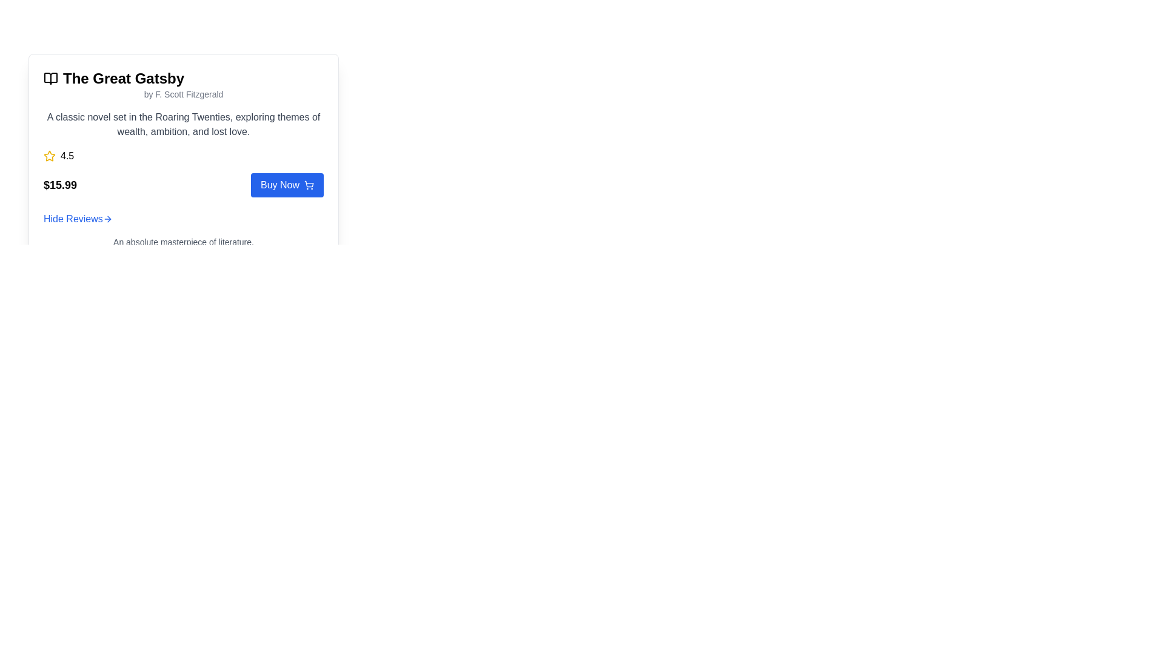 The height and width of the screenshot is (654, 1164). What do you see at coordinates (48, 155) in the screenshot?
I see `the star icon that visually represents a numerical rating, located to the left of the numeric rating text ('4.5')` at bounding box center [48, 155].